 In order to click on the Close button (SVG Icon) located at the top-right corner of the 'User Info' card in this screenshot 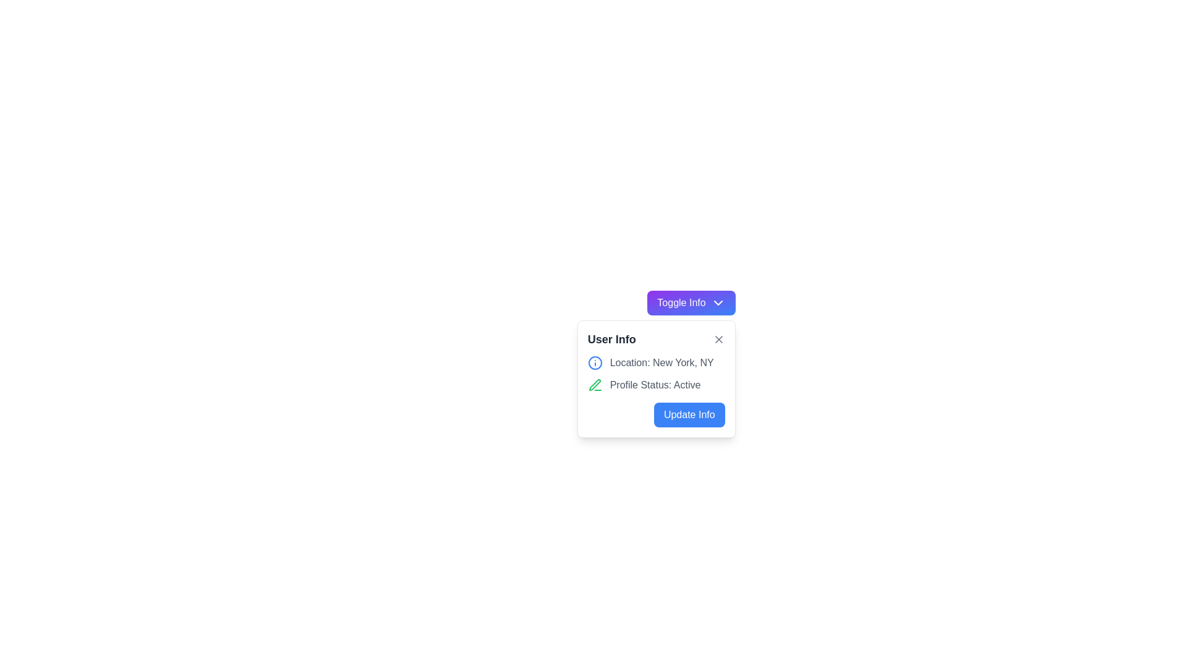, I will do `click(718, 339)`.